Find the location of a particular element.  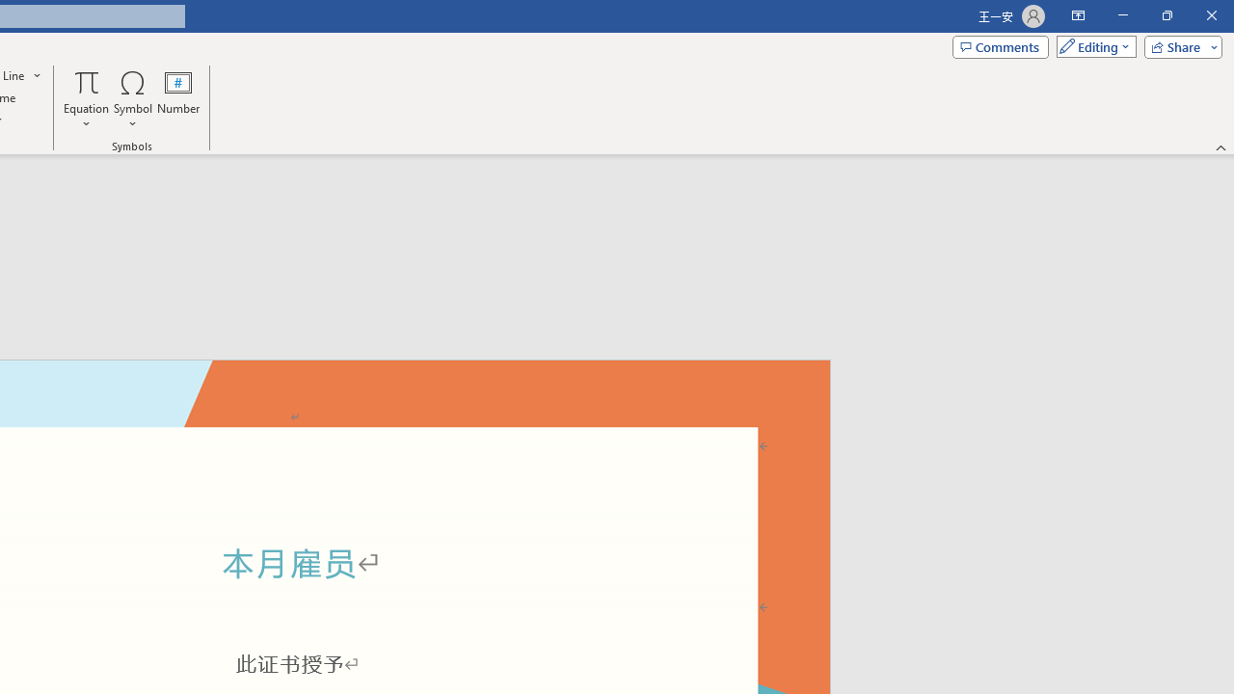

'Equation' is located at coordinates (86, 81).